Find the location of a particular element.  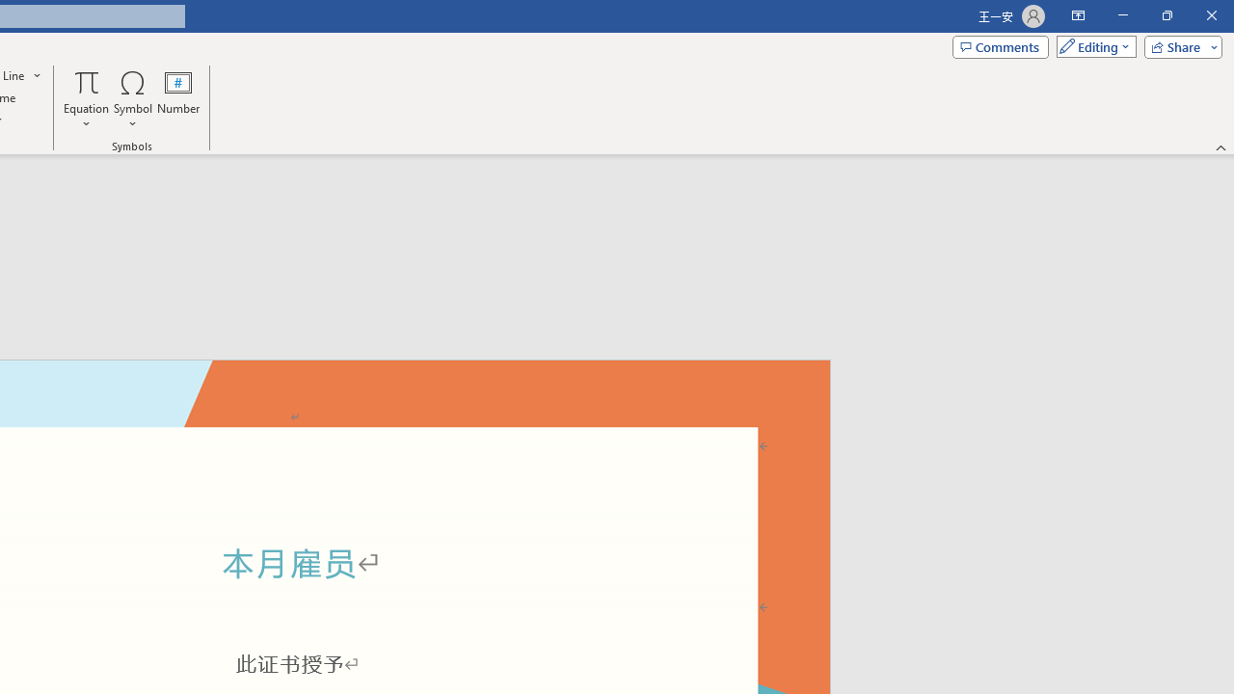

'Equation' is located at coordinates (86, 81).